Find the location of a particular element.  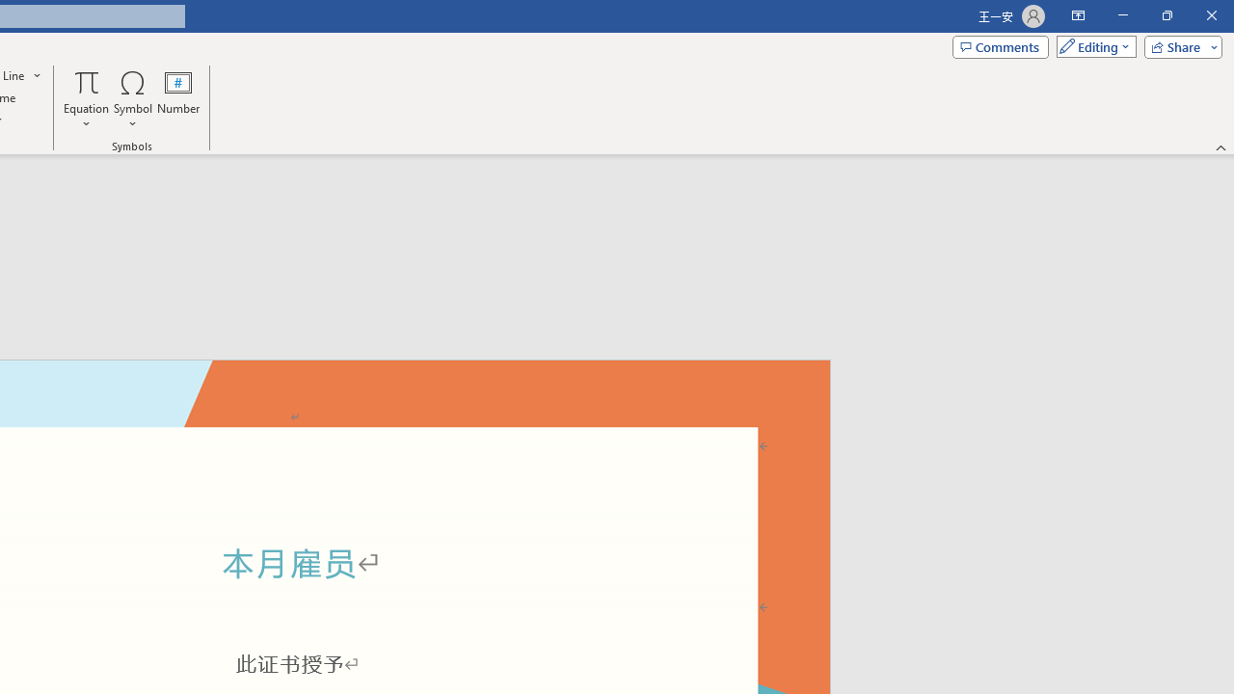

'Equation' is located at coordinates (86, 81).